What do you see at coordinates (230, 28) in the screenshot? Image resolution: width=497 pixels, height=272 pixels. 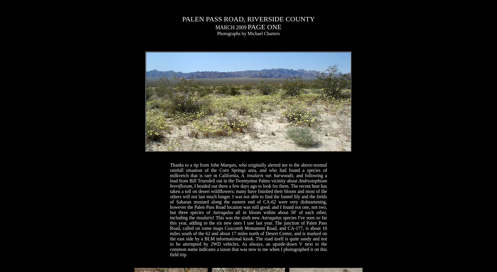 I see `'MARCH 2009'` at bounding box center [230, 28].